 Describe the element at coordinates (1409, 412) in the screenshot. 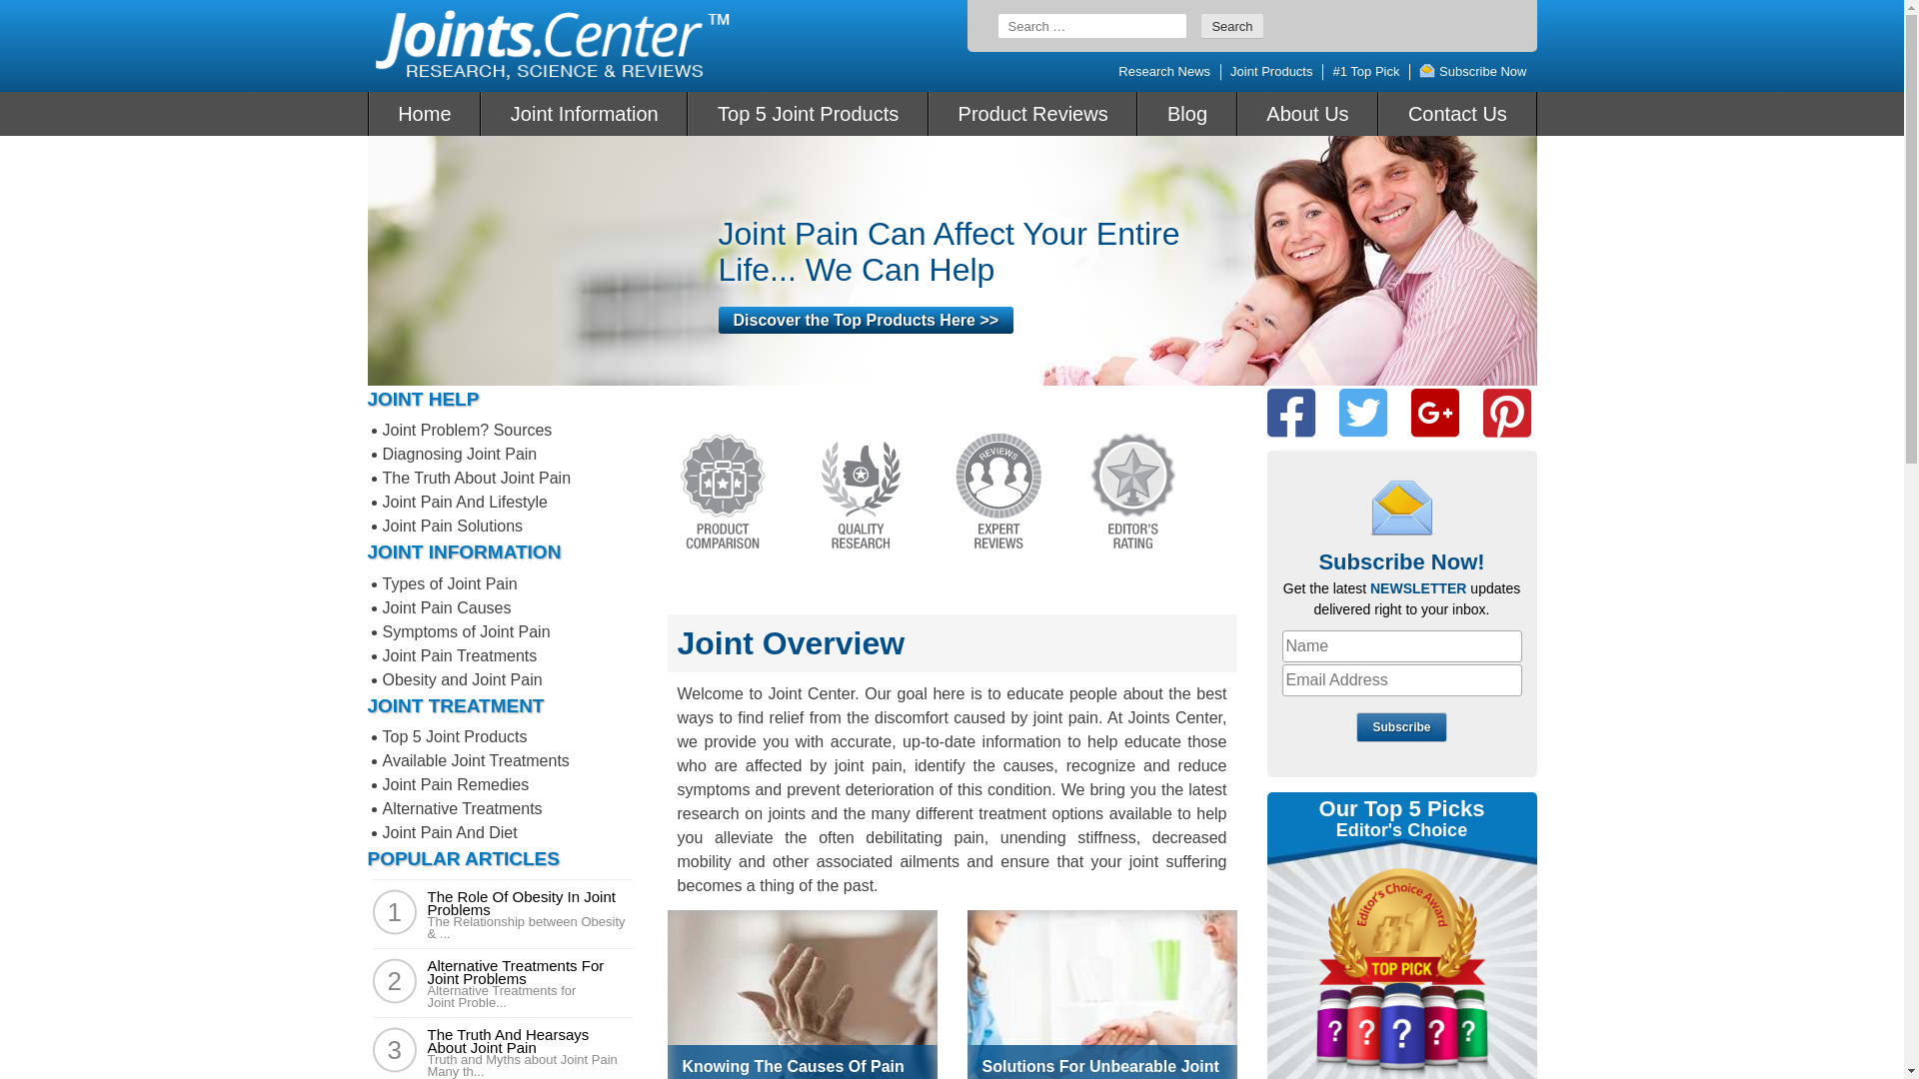

I see `'Google +'` at that location.